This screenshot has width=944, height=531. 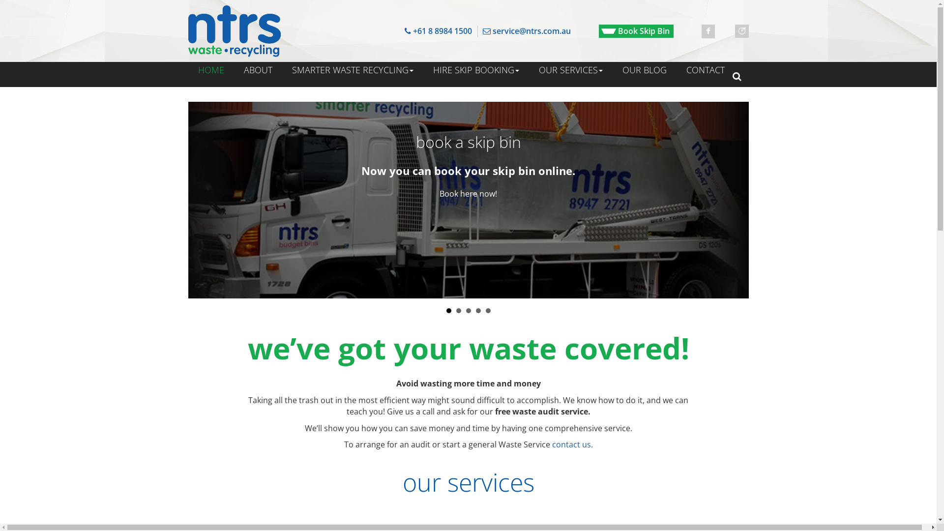 I want to click on 'OUR SERVICES', so click(x=571, y=69).